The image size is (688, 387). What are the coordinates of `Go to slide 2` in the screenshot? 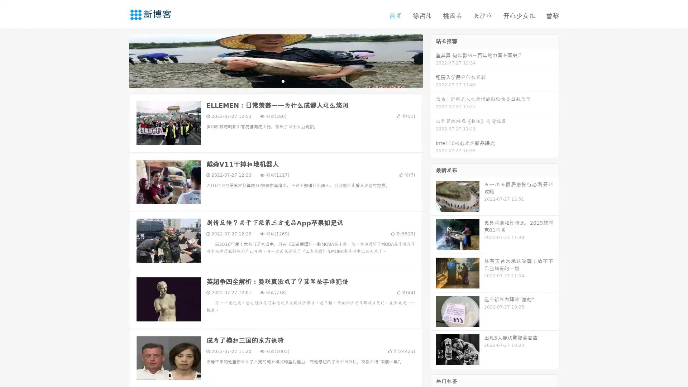 It's located at (275, 81).